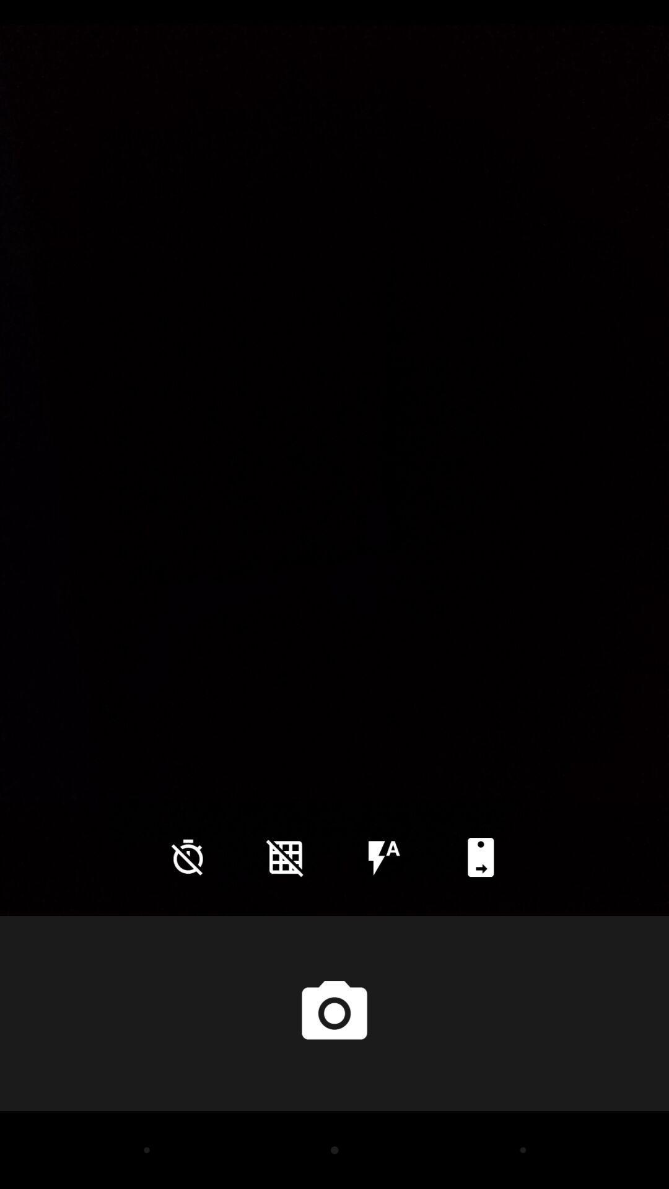 This screenshot has width=669, height=1189. Describe the element at coordinates (480, 856) in the screenshot. I see `icon at the bottom right corner` at that location.